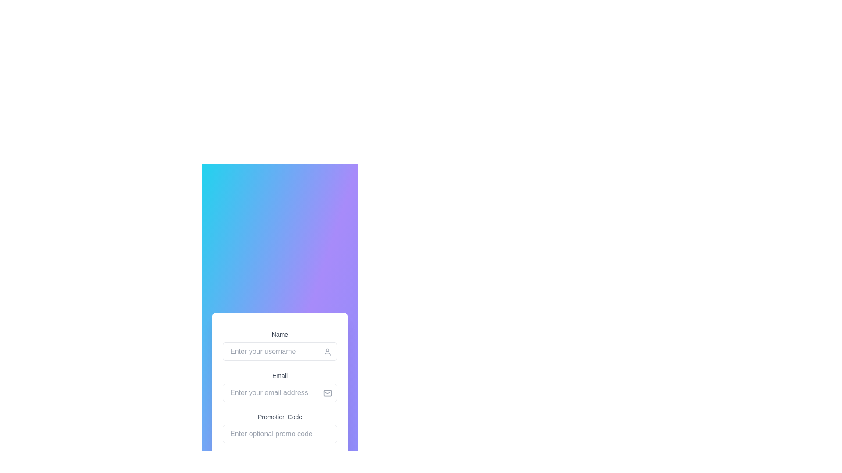  I want to click on the user profile icon, which is a gray circular icon with a smaller circle above it, located on the top-right section of the username input field, so click(327, 351).